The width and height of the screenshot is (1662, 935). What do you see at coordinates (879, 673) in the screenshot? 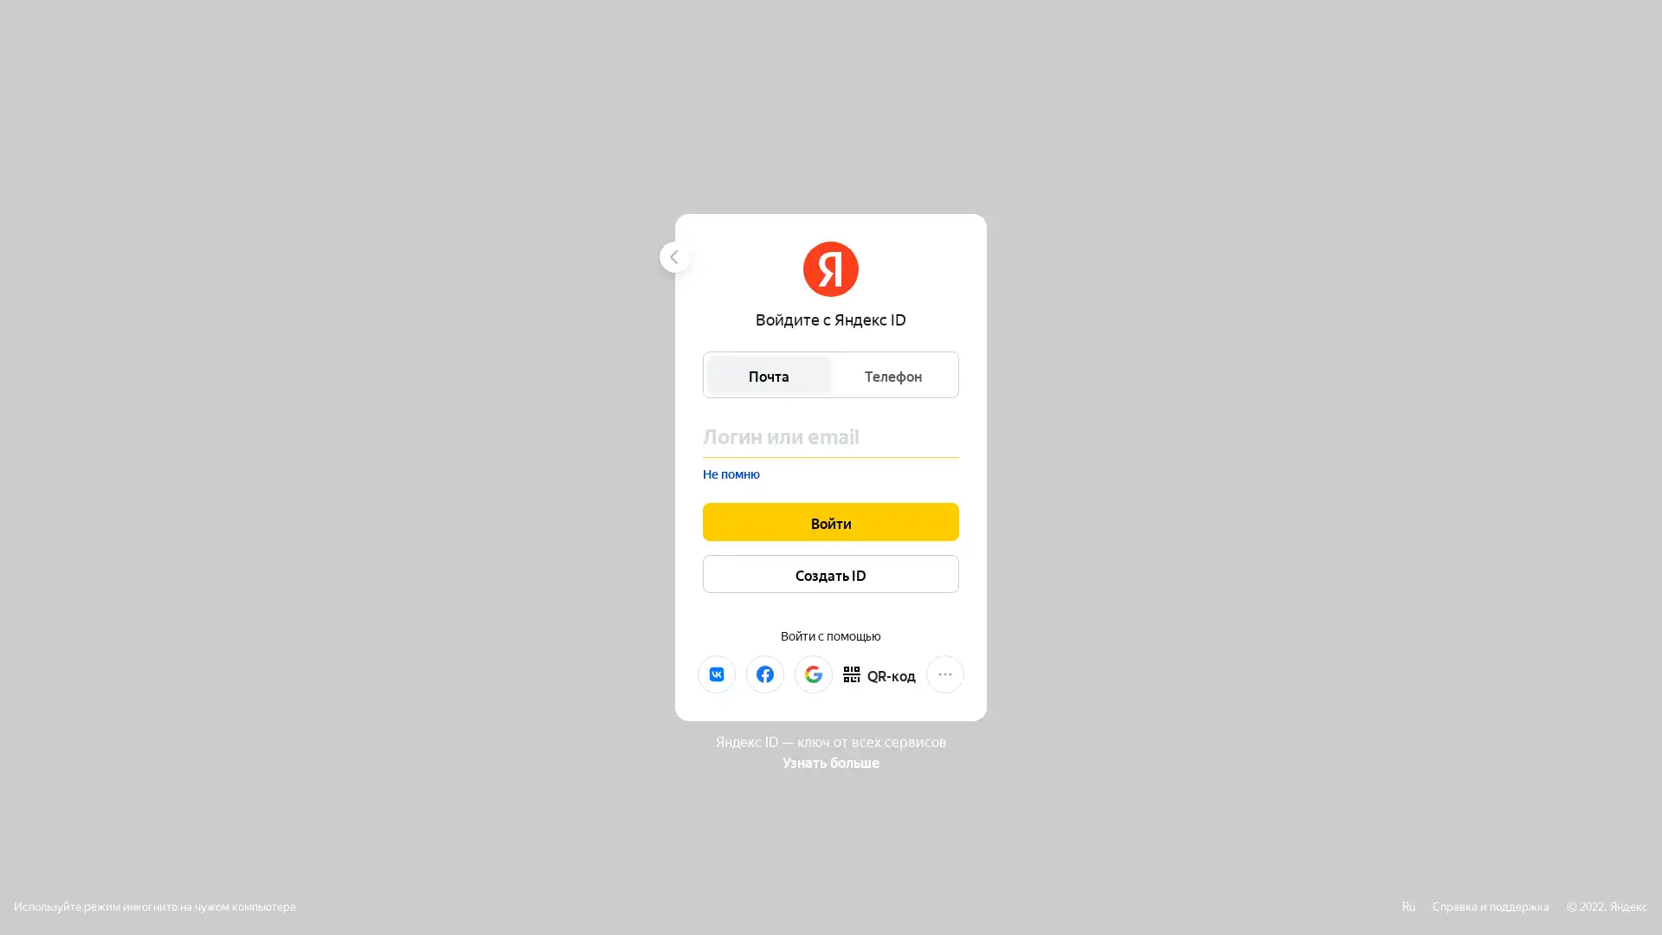
I see `QR-` at bounding box center [879, 673].